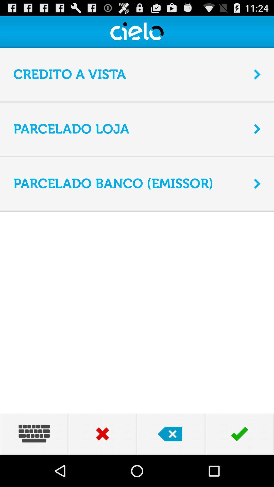 This screenshot has width=274, height=487. What do you see at coordinates (137, 156) in the screenshot?
I see `app above the parcelado banco (emissor) icon` at bounding box center [137, 156].